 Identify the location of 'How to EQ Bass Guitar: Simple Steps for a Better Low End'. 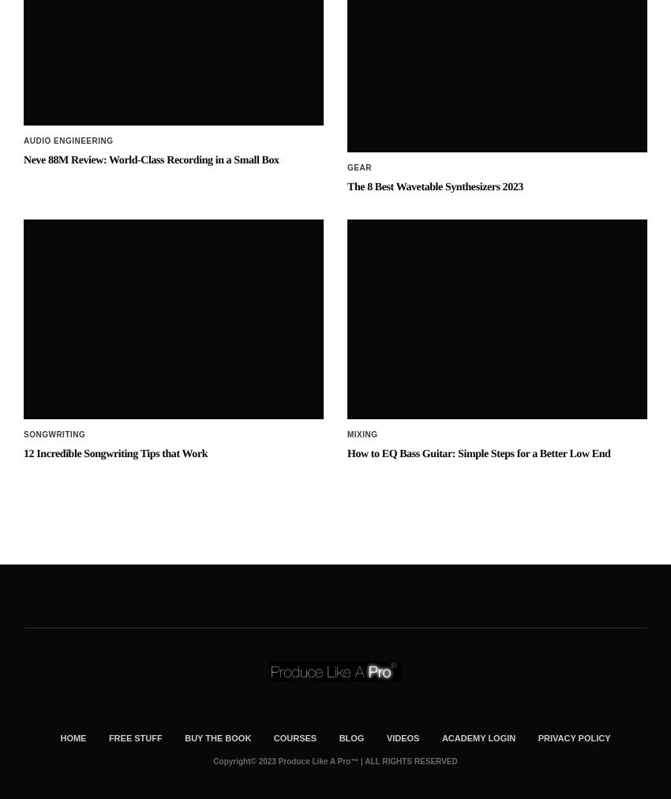
(346, 326).